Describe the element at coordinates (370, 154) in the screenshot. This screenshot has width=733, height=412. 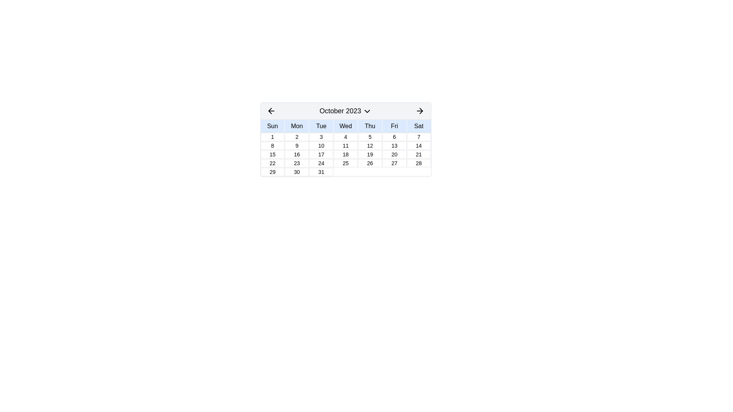
I see `the calendar day cell representing a date under the 'Thu' column in the fourth row of the calendar grid` at that location.